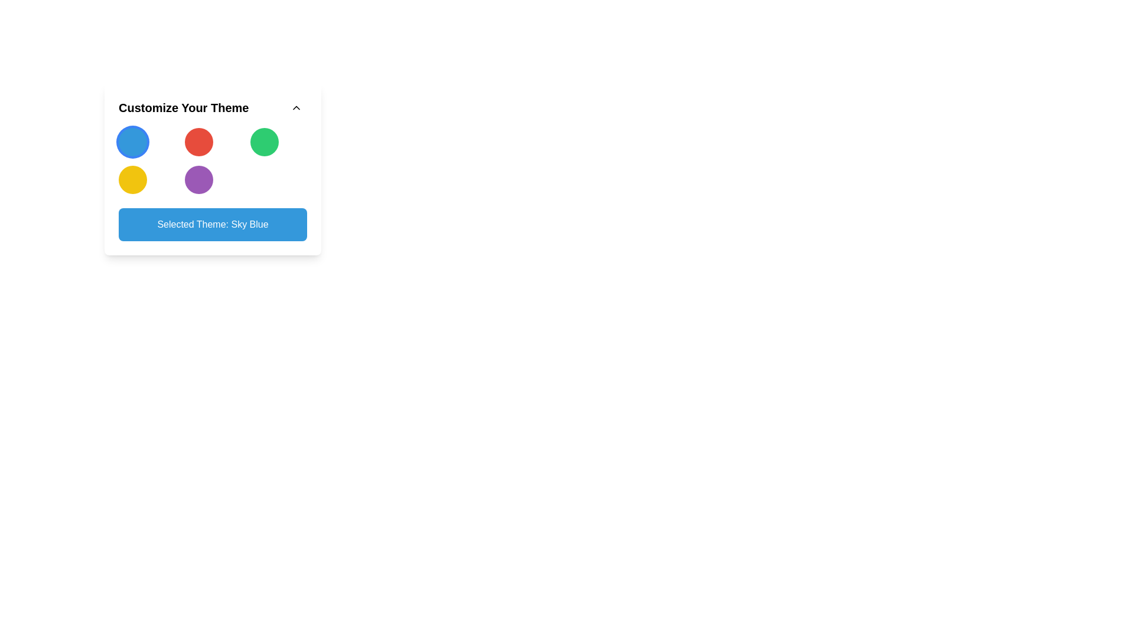  What do you see at coordinates (296, 107) in the screenshot?
I see `the button styled as a clickable icon with an upward-facing chevron arrow, located at the top-right corner of the 'Customize Your Theme' section` at bounding box center [296, 107].